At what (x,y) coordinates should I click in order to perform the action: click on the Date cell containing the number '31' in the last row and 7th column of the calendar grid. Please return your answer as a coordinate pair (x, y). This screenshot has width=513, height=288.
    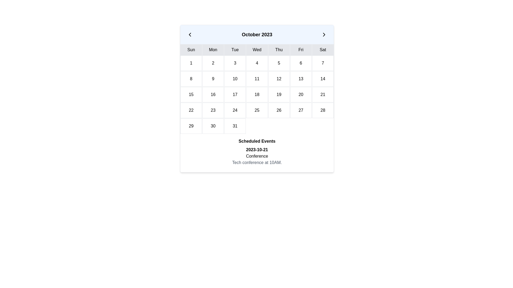
    Looking at the image, I should click on (235, 126).